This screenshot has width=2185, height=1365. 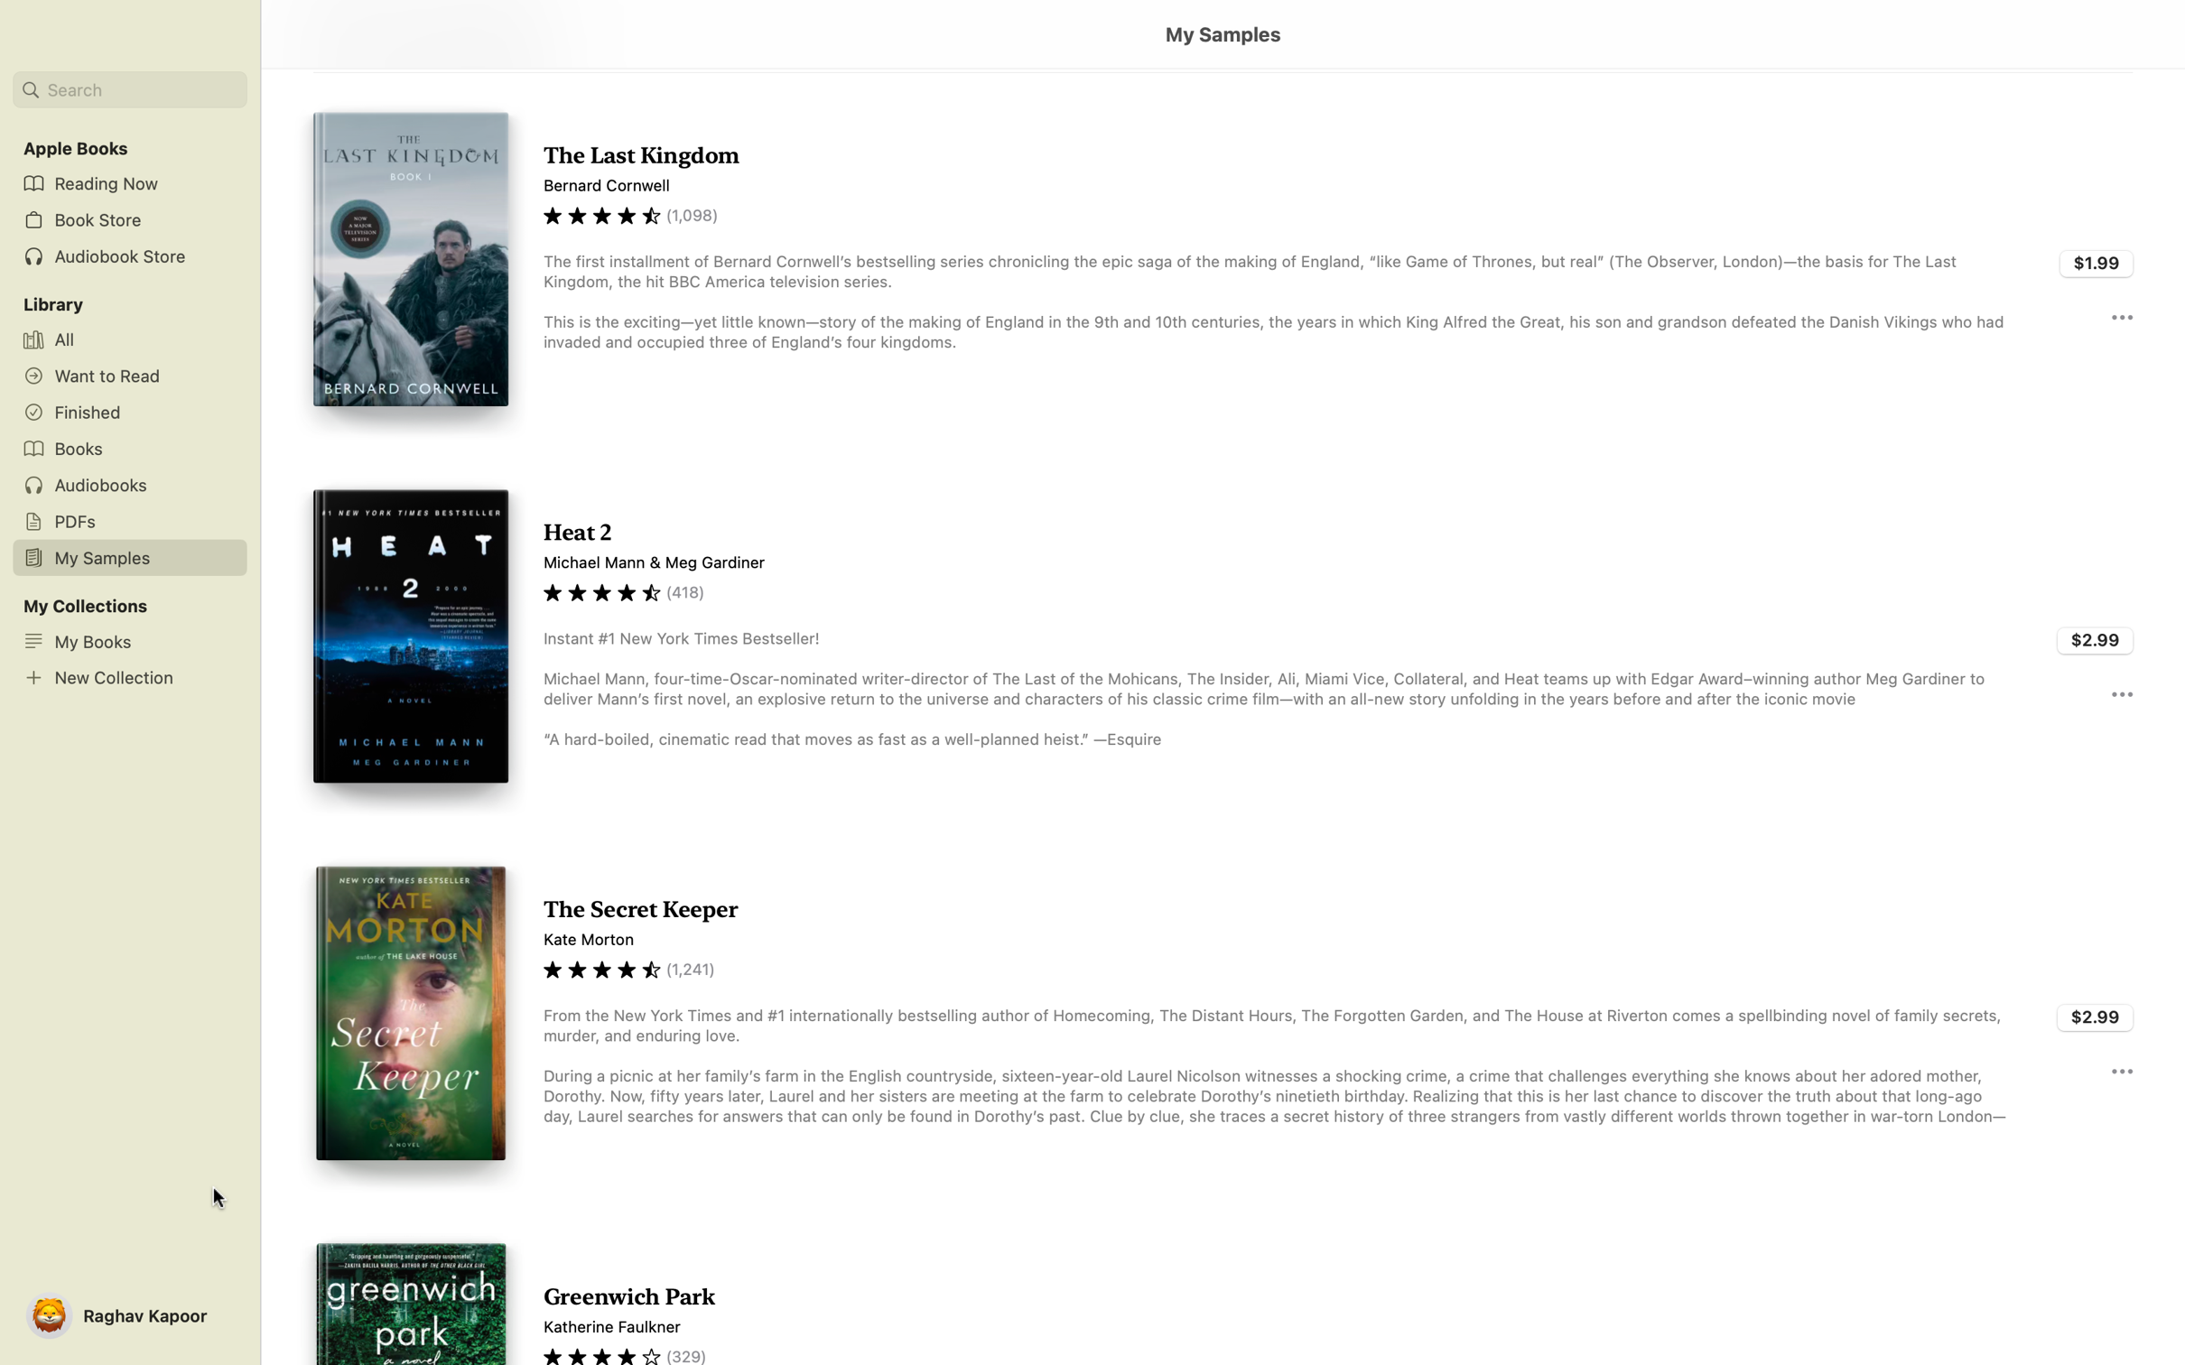 What do you see at coordinates (4108892, 1505595) in the screenshot?
I see `Scroll down a little to view book "Greenwich Park` at bounding box center [4108892, 1505595].